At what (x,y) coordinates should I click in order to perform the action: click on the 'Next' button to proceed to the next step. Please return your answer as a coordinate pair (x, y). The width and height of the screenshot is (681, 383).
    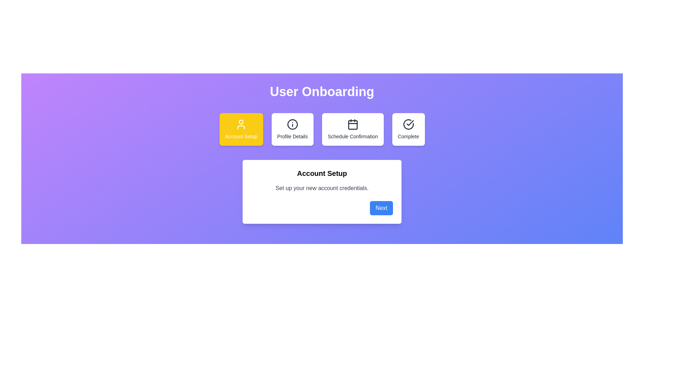
    Looking at the image, I should click on (381, 207).